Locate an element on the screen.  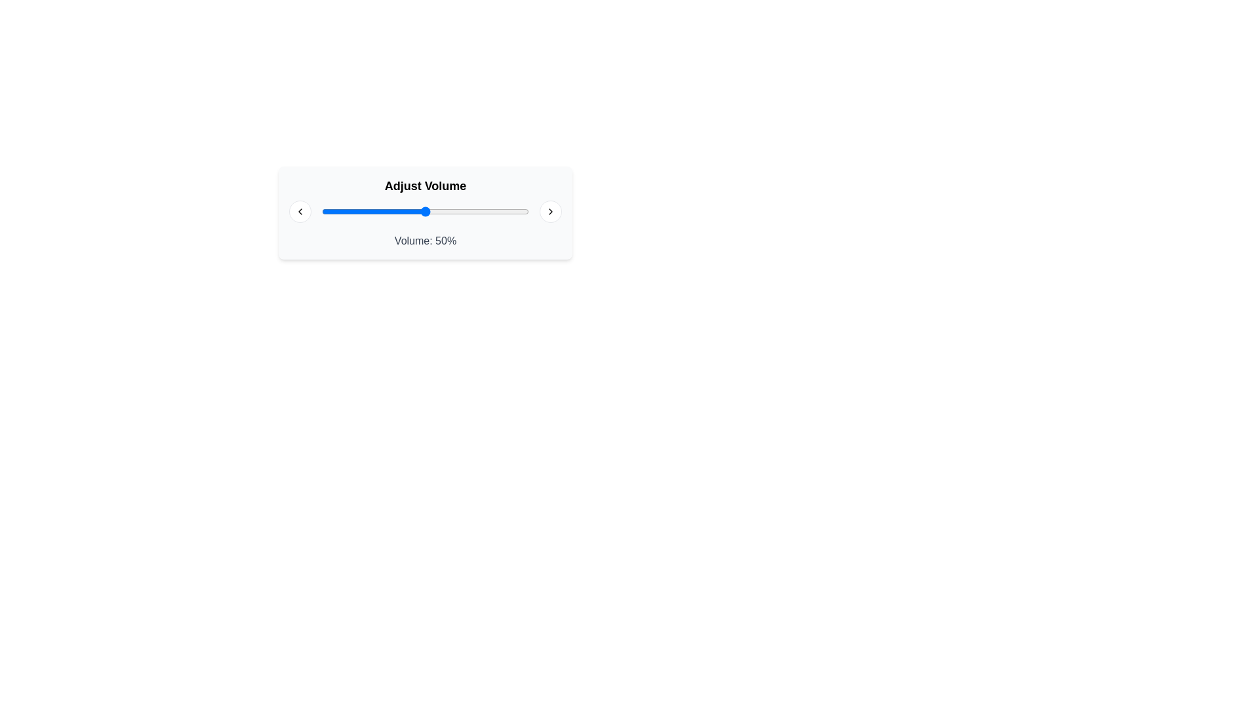
the slider is located at coordinates (414, 211).